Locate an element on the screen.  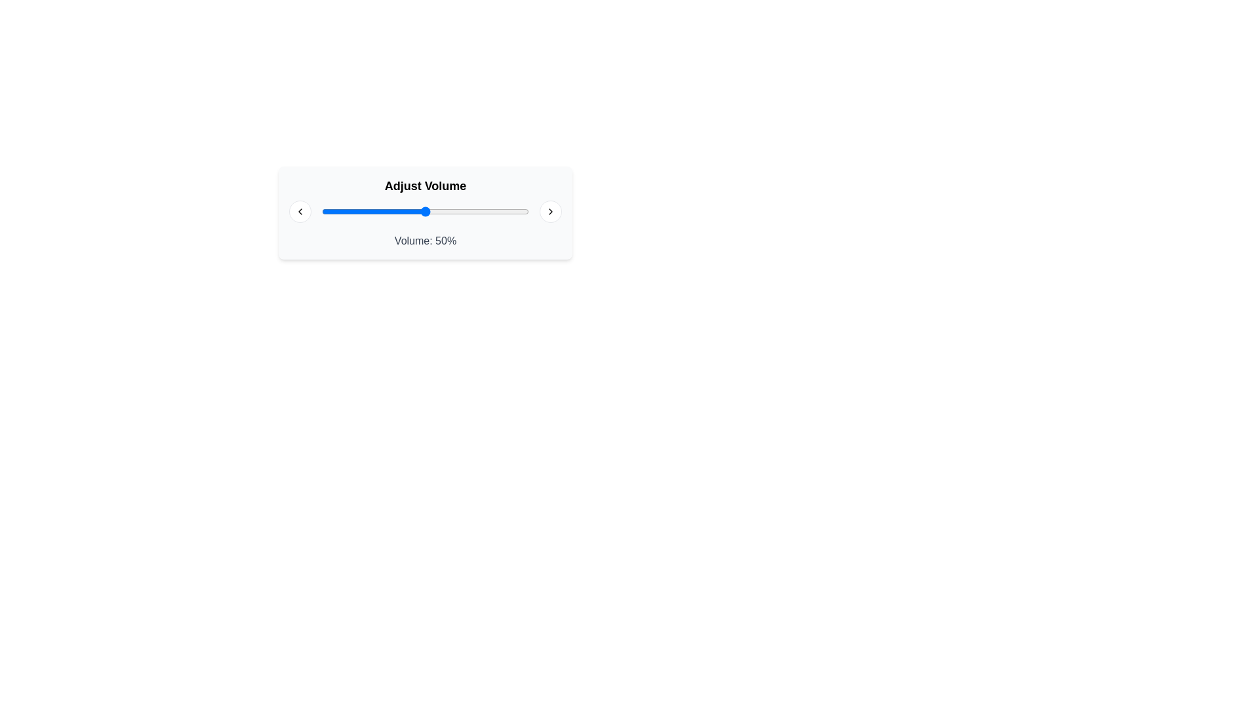
the slider is located at coordinates (414, 211).